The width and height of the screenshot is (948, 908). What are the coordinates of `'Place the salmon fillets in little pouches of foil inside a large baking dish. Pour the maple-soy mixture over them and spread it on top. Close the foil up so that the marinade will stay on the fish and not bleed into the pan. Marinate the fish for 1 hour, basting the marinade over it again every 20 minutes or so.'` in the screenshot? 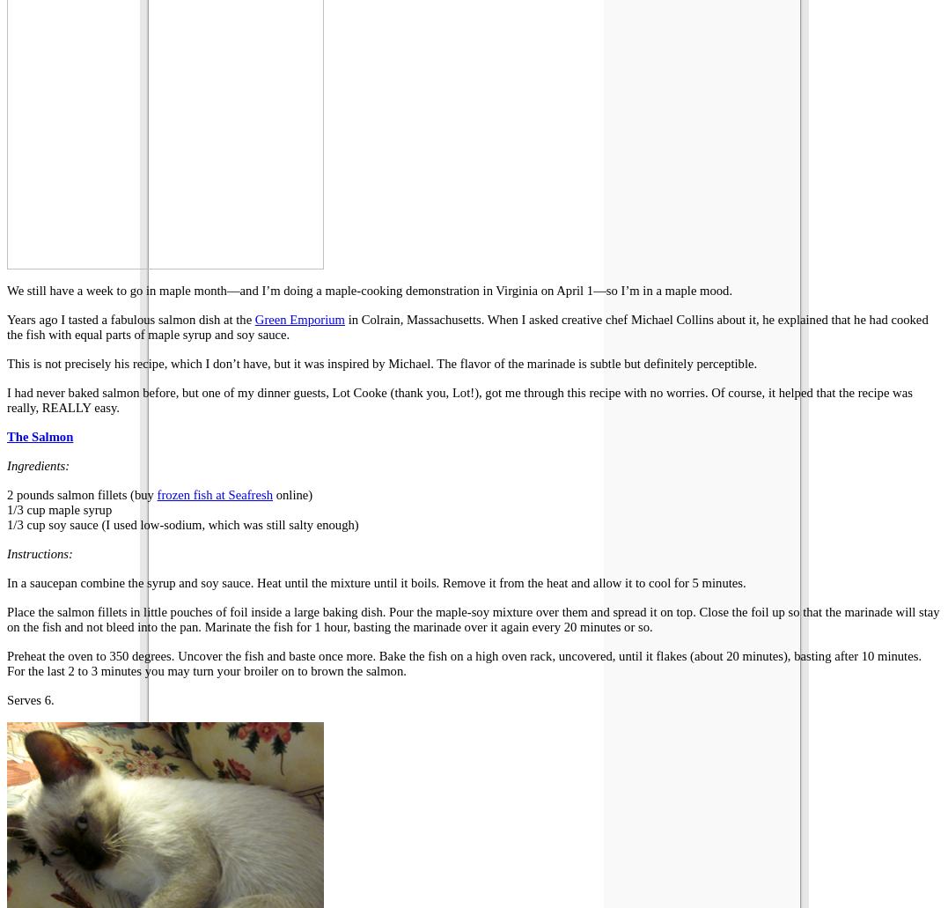 It's located at (472, 618).